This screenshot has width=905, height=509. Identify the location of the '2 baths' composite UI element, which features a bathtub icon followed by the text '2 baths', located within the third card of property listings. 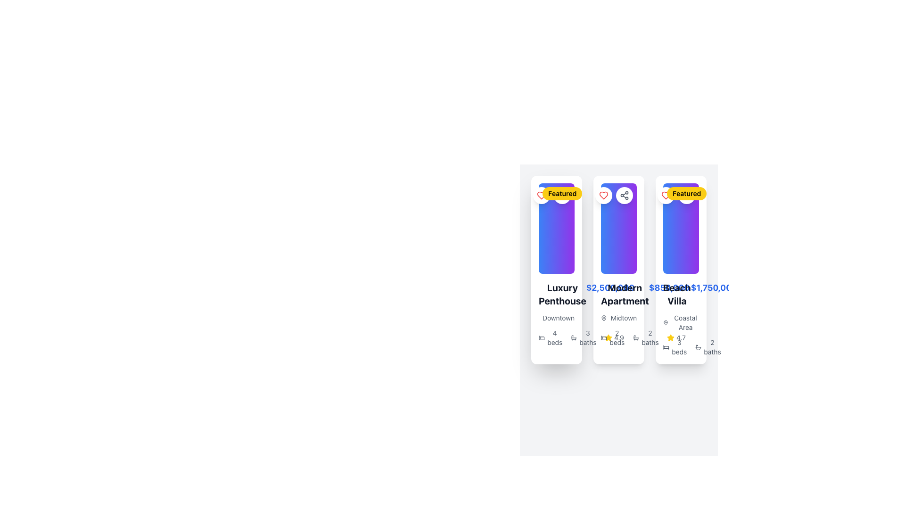
(708, 347).